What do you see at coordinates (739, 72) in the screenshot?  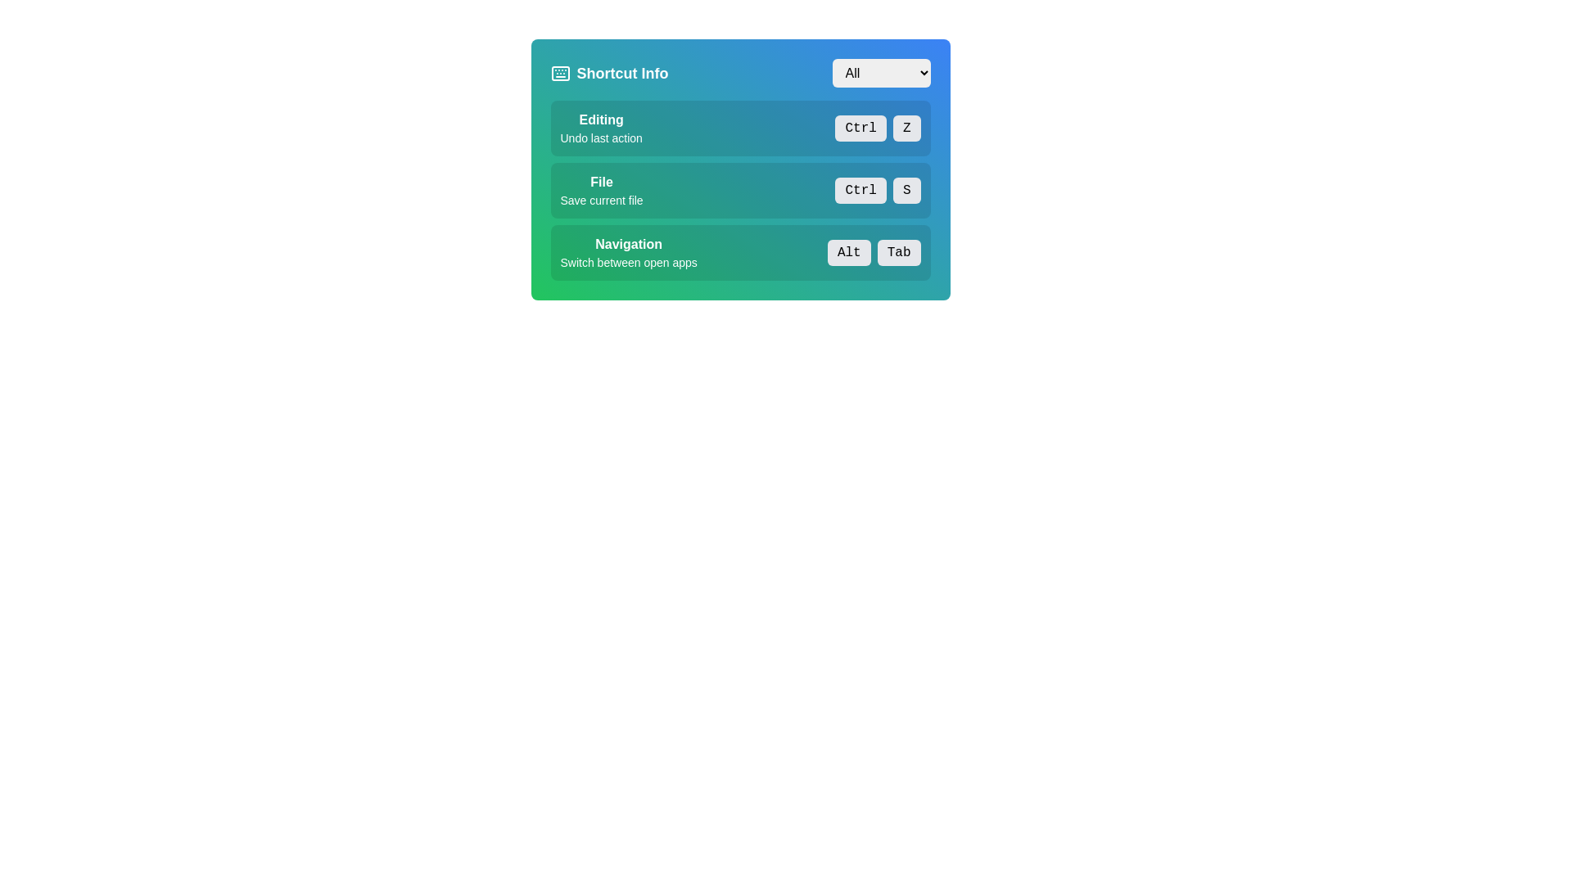 I see `the word 'All' in the Title bar with dropdown labeled 'Shortcut Info'` at bounding box center [739, 72].